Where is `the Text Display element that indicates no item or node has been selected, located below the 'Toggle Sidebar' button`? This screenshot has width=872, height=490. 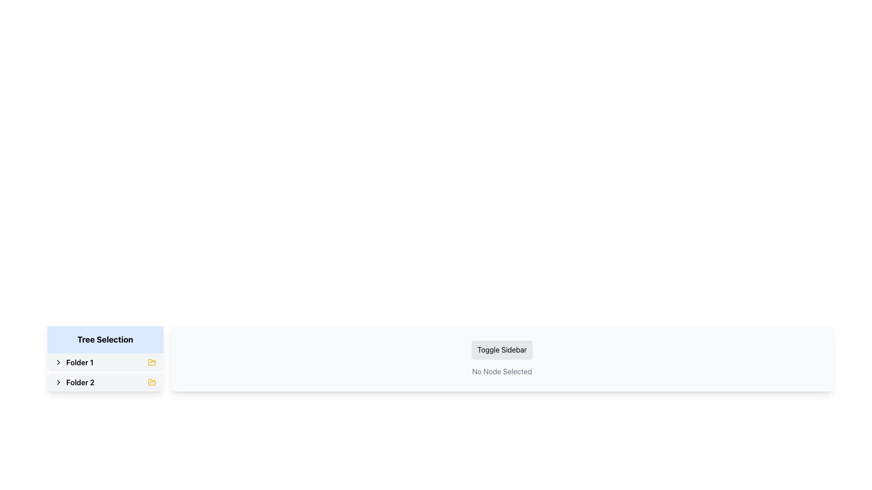
the Text Display element that indicates no item or node has been selected, located below the 'Toggle Sidebar' button is located at coordinates (501, 371).